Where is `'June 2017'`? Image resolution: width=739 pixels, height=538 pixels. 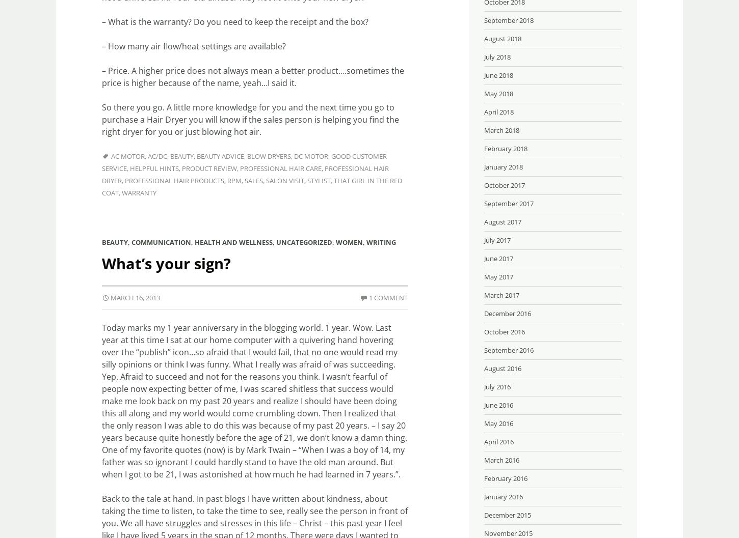 'June 2017' is located at coordinates (498, 258).